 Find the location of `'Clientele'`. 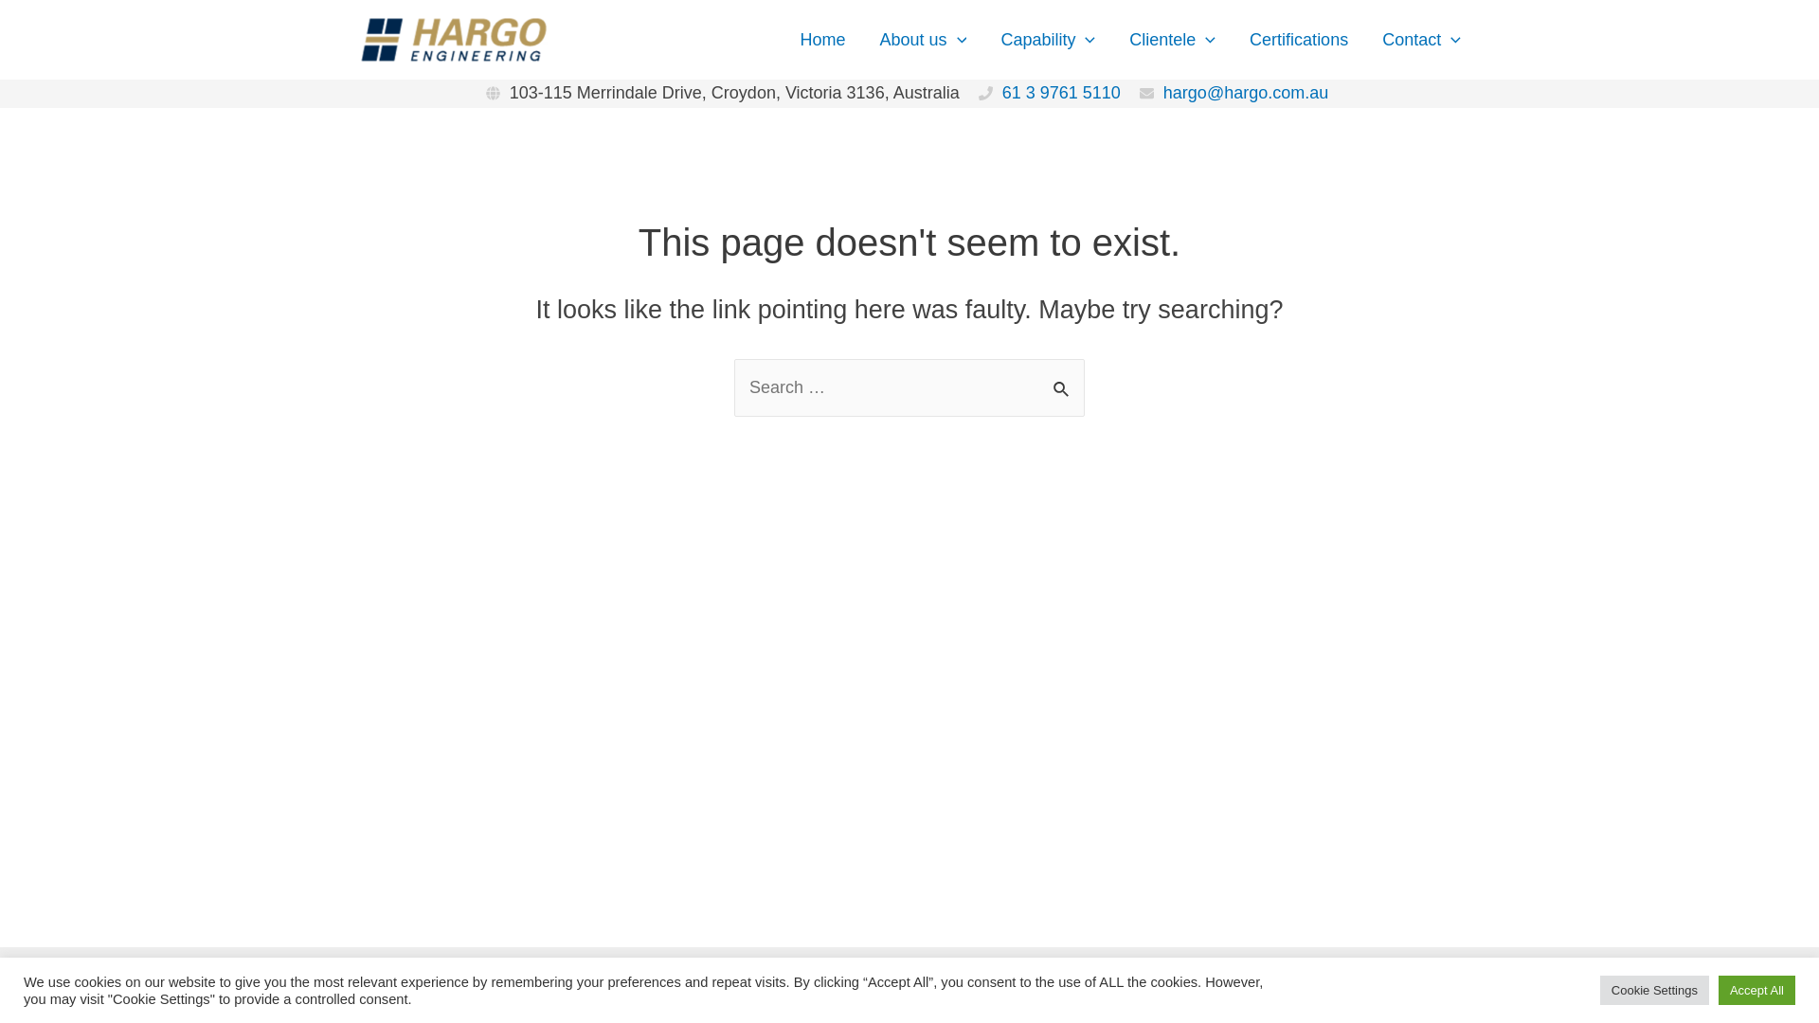

'Clientele' is located at coordinates (1171, 39).